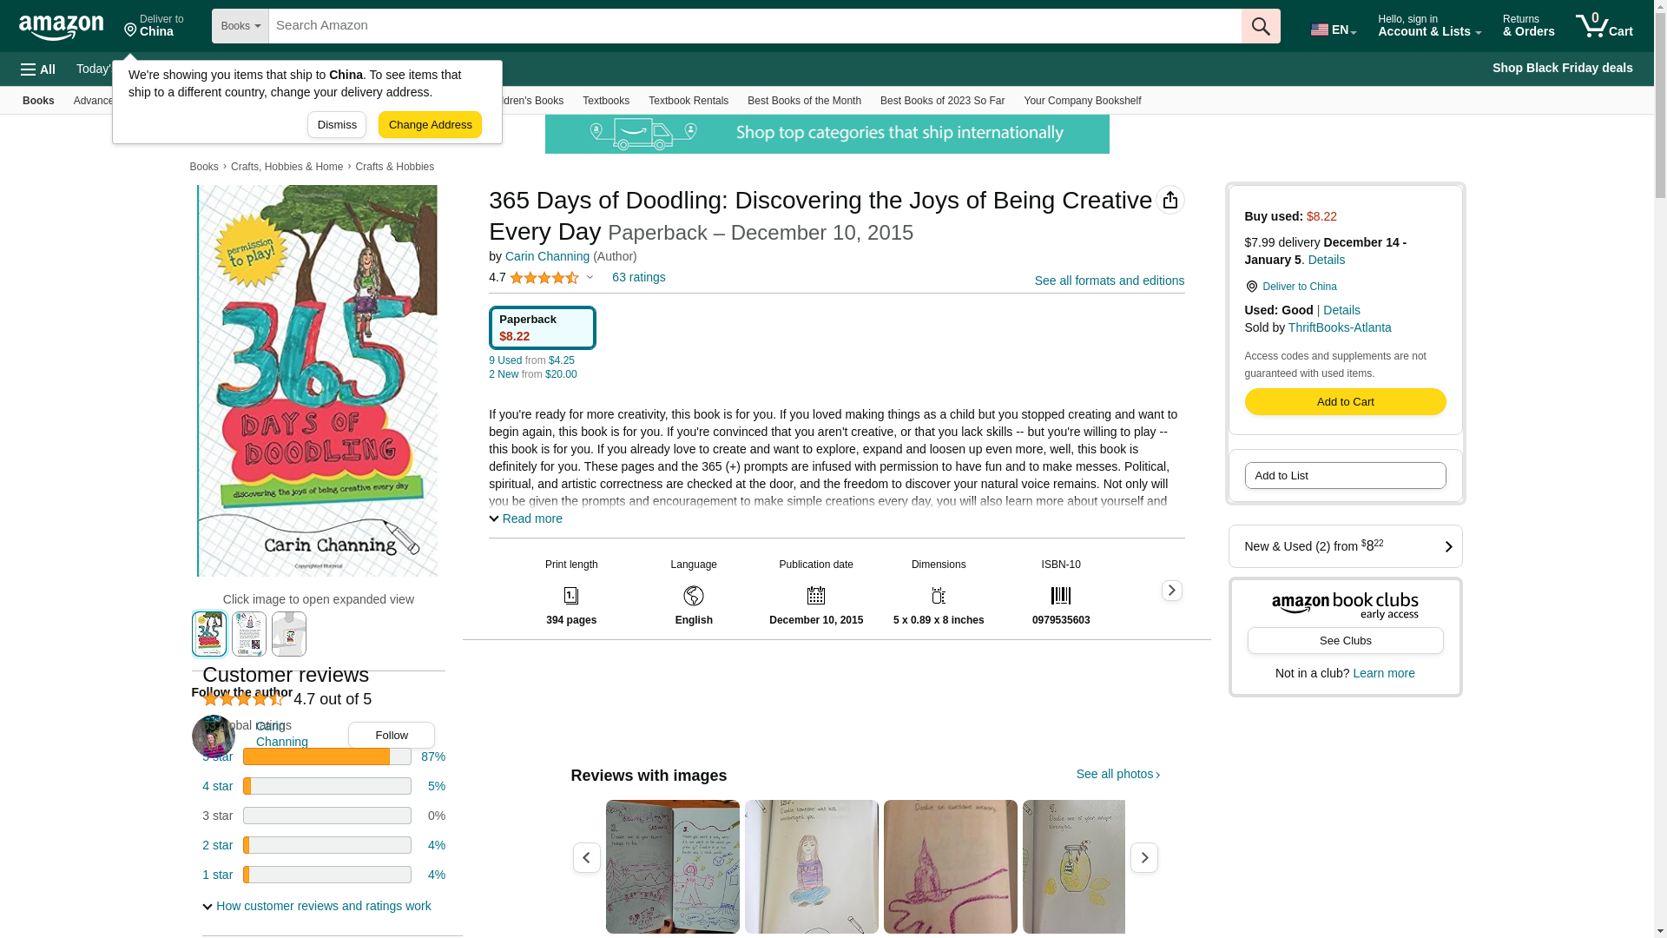  What do you see at coordinates (216, 756) in the screenshot?
I see `'5 star'` at bounding box center [216, 756].